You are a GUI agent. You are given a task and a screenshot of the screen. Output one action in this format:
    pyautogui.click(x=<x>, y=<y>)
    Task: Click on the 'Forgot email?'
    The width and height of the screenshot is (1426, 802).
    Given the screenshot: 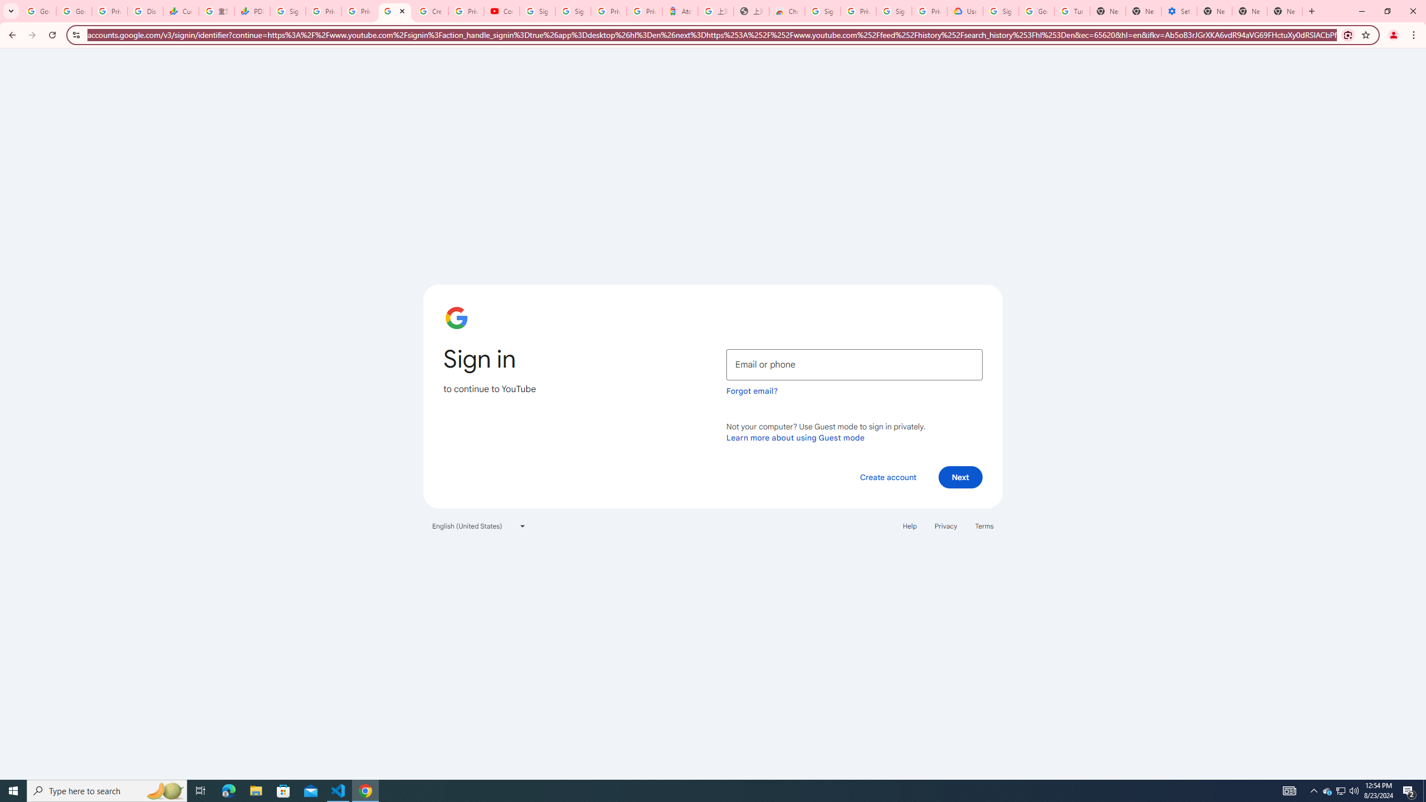 What is the action you would take?
    pyautogui.click(x=751, y=390)
    